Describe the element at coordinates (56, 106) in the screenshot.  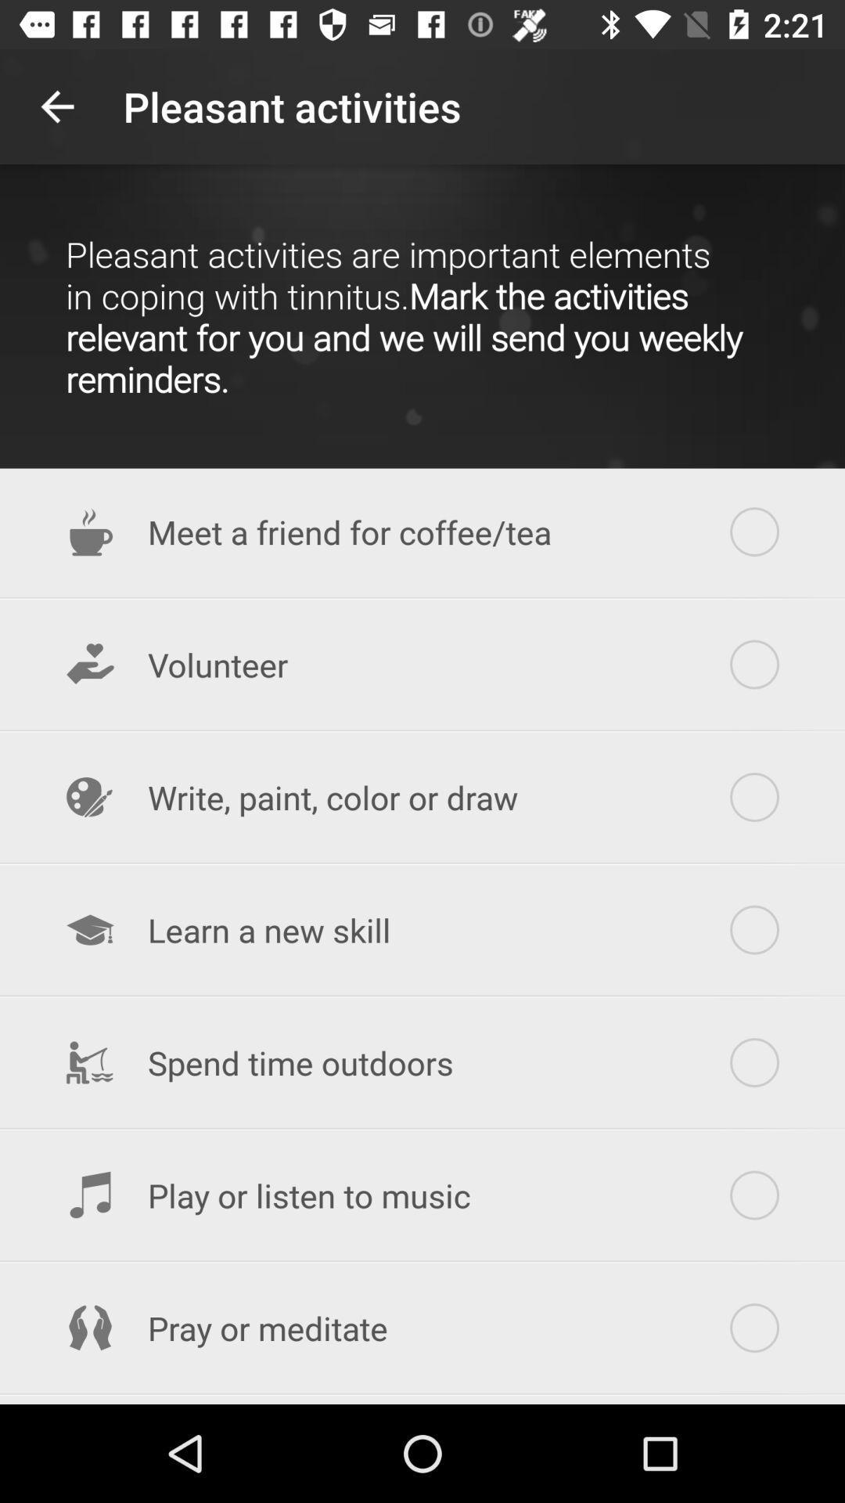
I see `the icon to the left of pleasant activities item` at that location.